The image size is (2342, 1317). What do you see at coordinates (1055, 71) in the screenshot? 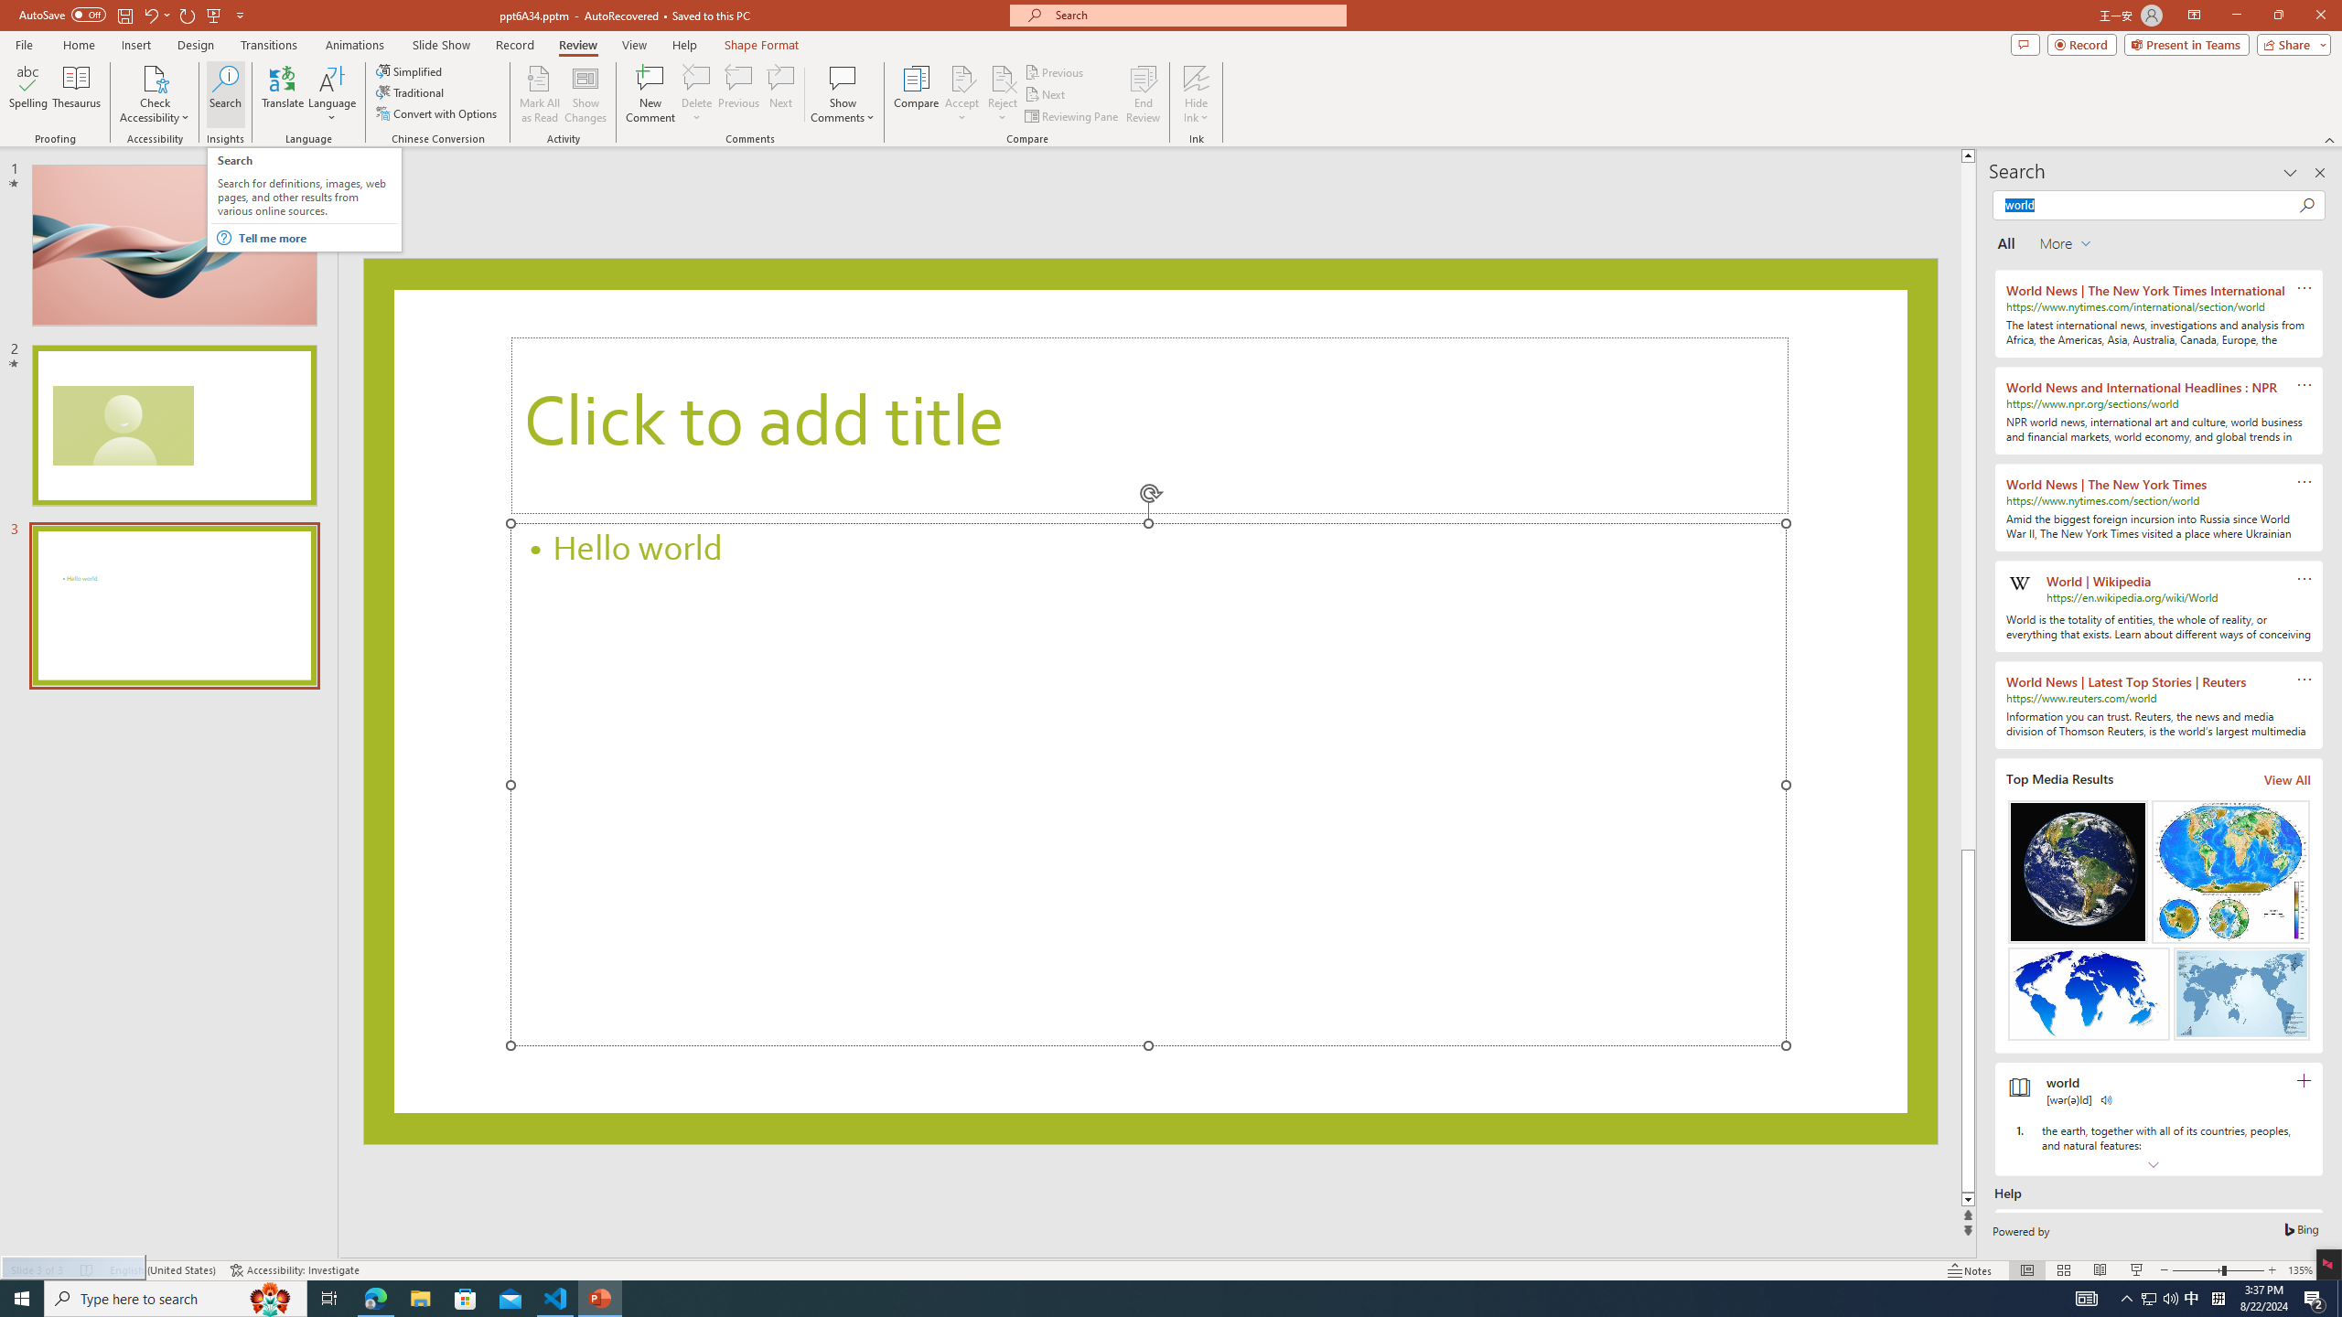
I see `'Previous'` at bounding box center [1055, 71].